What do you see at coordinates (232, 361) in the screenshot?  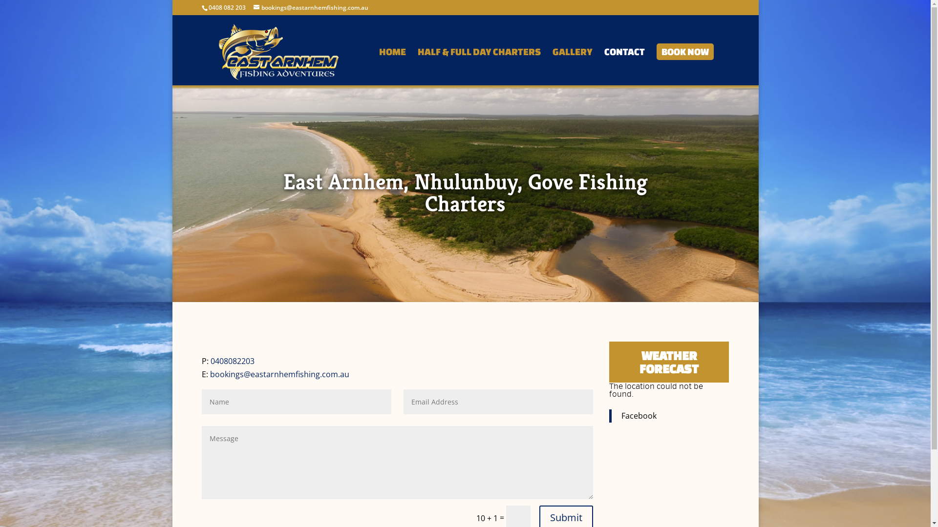 I see `'0408082203'` at bounding box center [232, 361].